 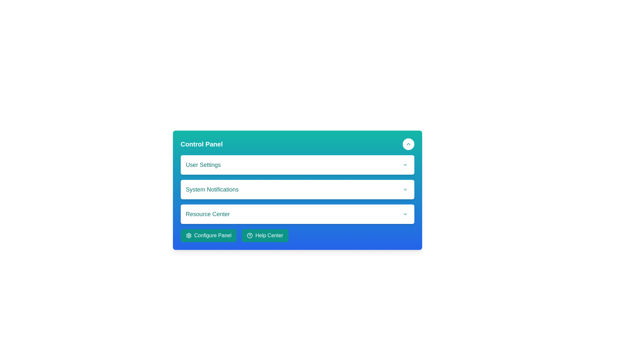 I want to click on the teal upward-pointing chevron icon located in the top-right corner of the panel, adjacent to the text header, so click(x=408, y=144).